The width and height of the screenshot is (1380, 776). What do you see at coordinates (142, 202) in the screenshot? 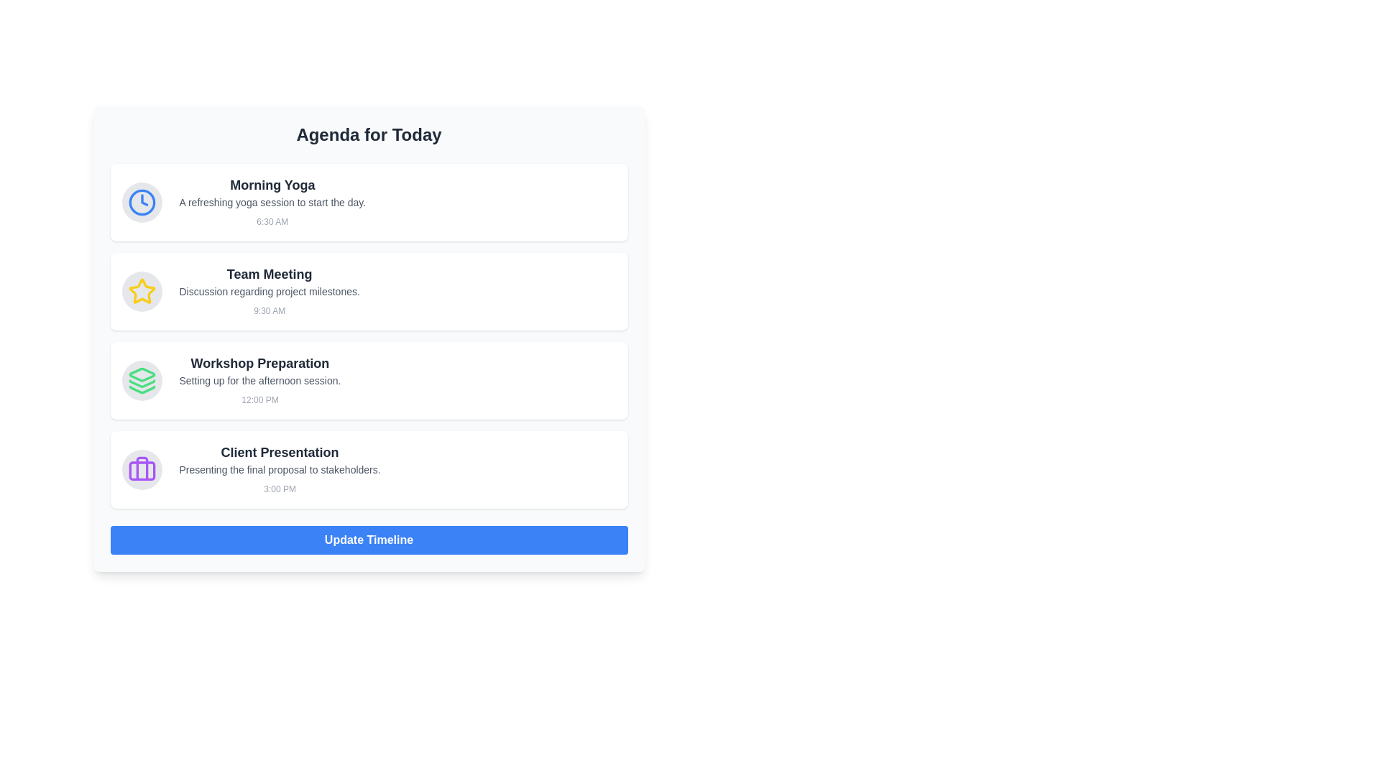
I see `the prominent blue clock-shaped icon located at the top of the list, next to the text 'Morning Yoga'` at bounding box center [142, 202].